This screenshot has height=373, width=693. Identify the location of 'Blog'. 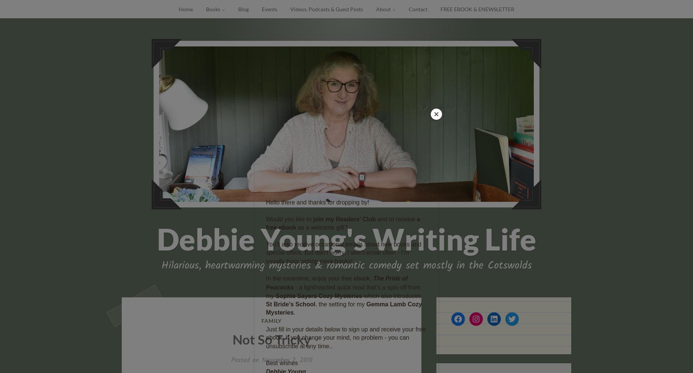
(243, 9).